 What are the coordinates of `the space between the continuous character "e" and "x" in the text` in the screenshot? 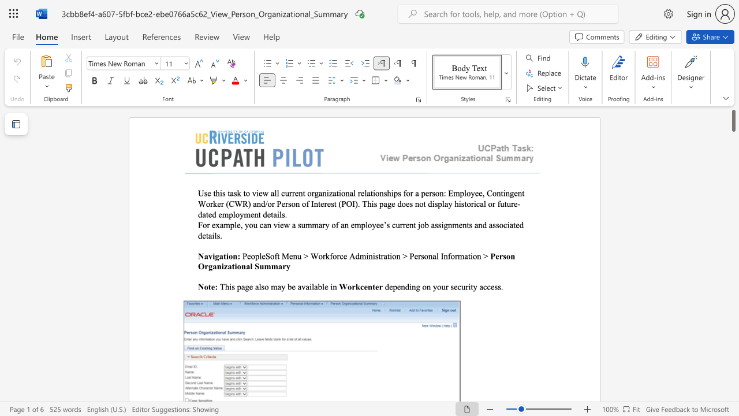 It's located at (215, 225).